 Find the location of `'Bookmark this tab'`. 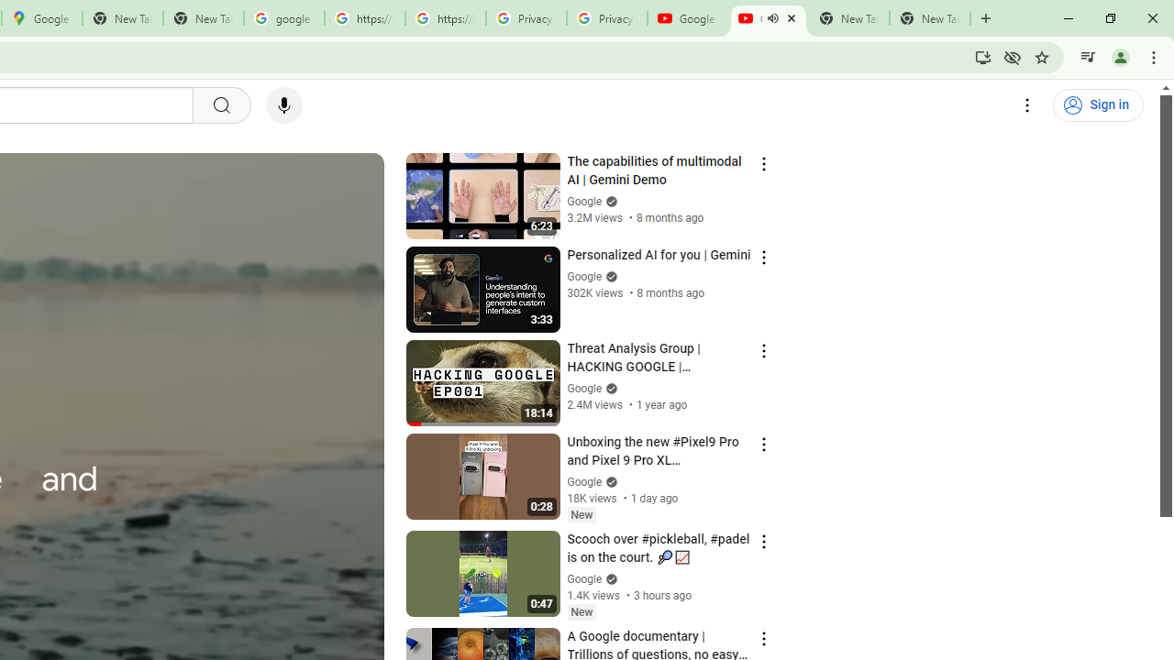

'Bookmark this tab' is located at coordinates (1042, 56).